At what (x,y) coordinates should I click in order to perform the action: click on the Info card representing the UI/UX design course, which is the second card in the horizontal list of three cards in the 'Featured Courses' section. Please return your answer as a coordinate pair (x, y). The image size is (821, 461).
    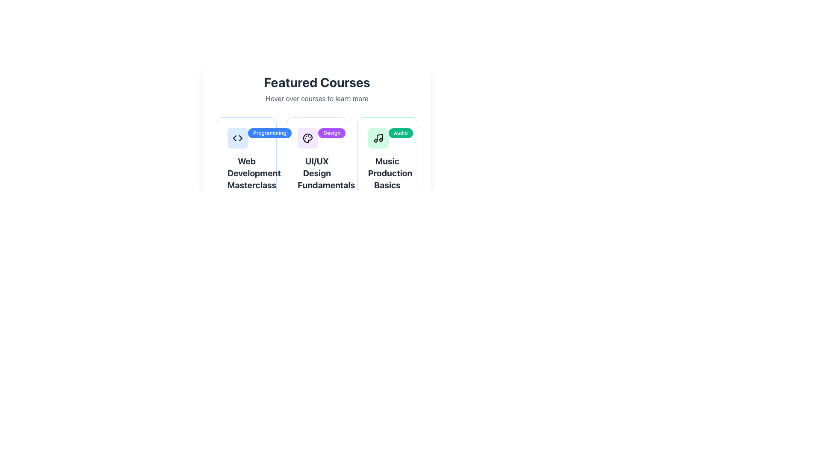
    Looking at the image, I should click on (316, 181).